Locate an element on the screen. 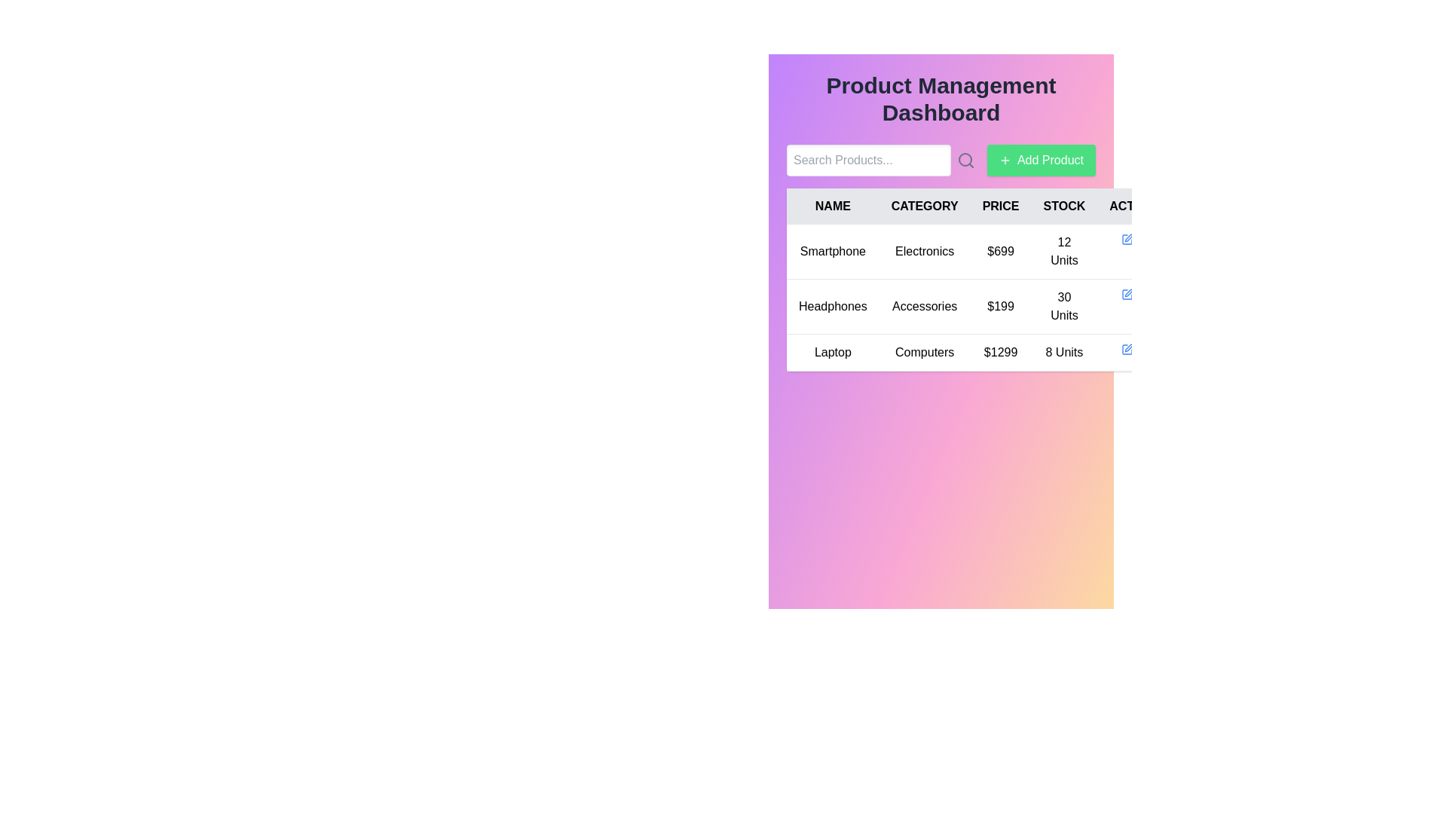  the plain text label displaying the stock quantity of the product 'Laptop', located in the fourth column of the third row under the 'STOCK' header is located at coordinates (1063, 352).